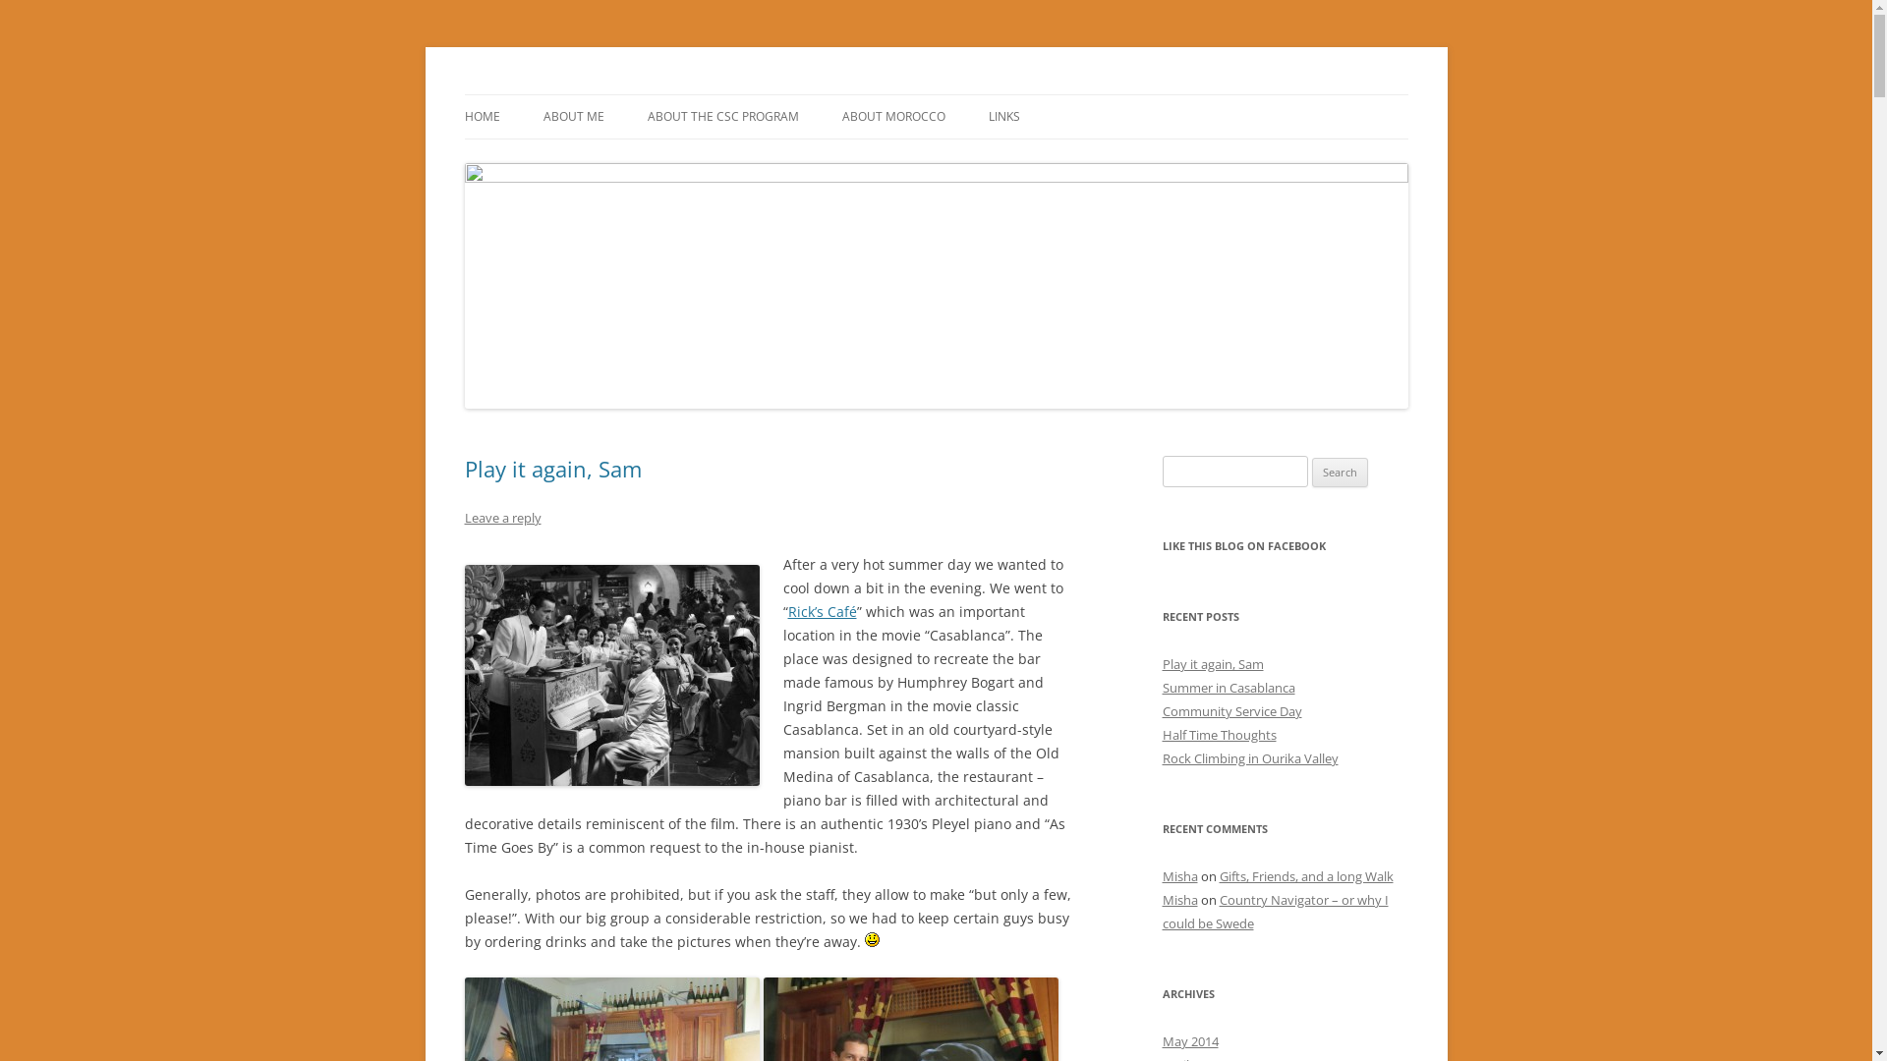  I want to click on 'Community Service Day', so click(1229, 711).